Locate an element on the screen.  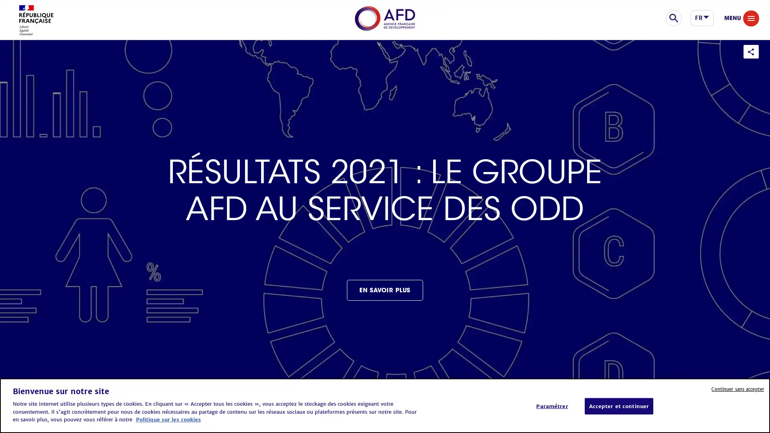
Rechercher is located at coordinates (702, 21).